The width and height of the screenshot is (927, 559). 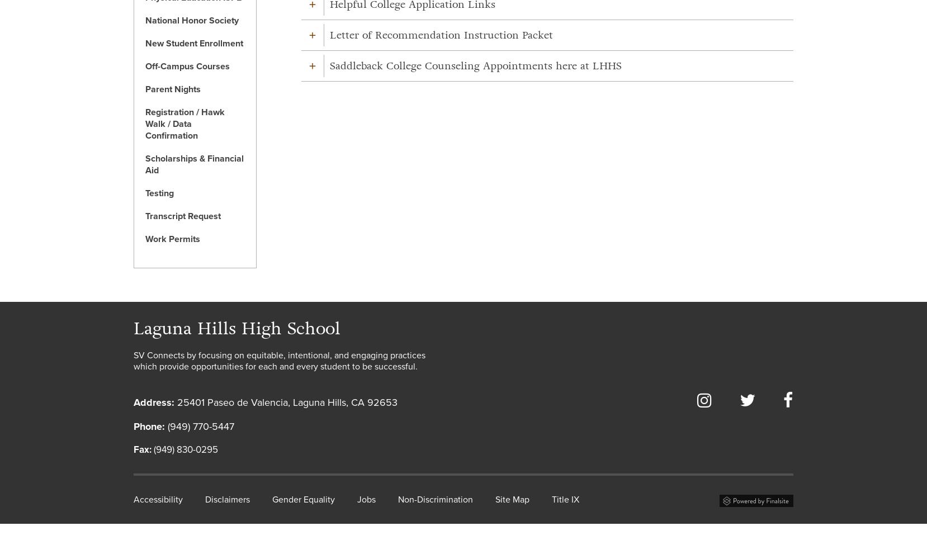 What do you see at coordinates (191, 20) in the screenshot?
I see `'National Honor Society'` at bounding box center [191, 20].